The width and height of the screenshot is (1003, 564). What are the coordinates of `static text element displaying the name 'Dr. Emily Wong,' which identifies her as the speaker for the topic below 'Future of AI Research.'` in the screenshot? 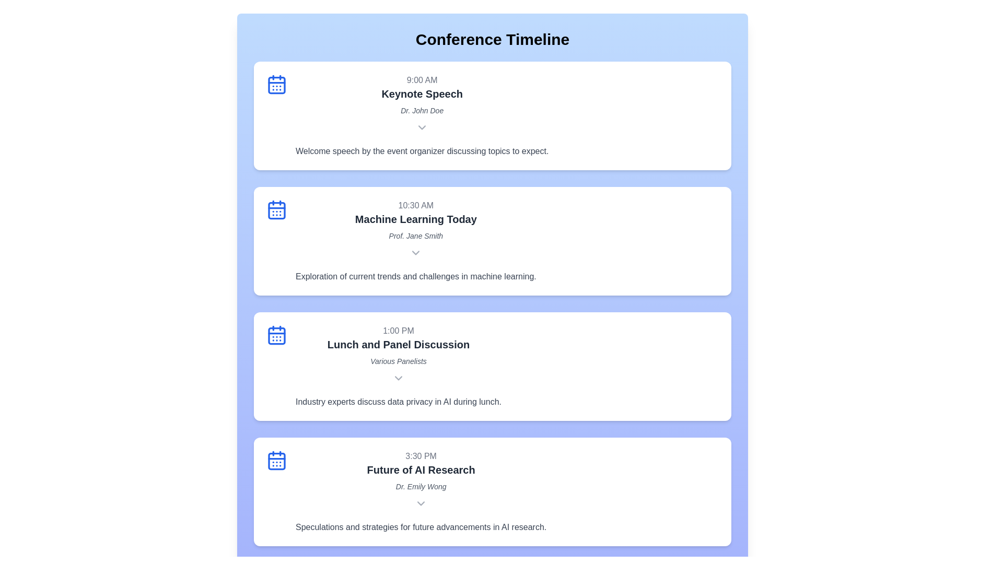 It's located at (421, 487).